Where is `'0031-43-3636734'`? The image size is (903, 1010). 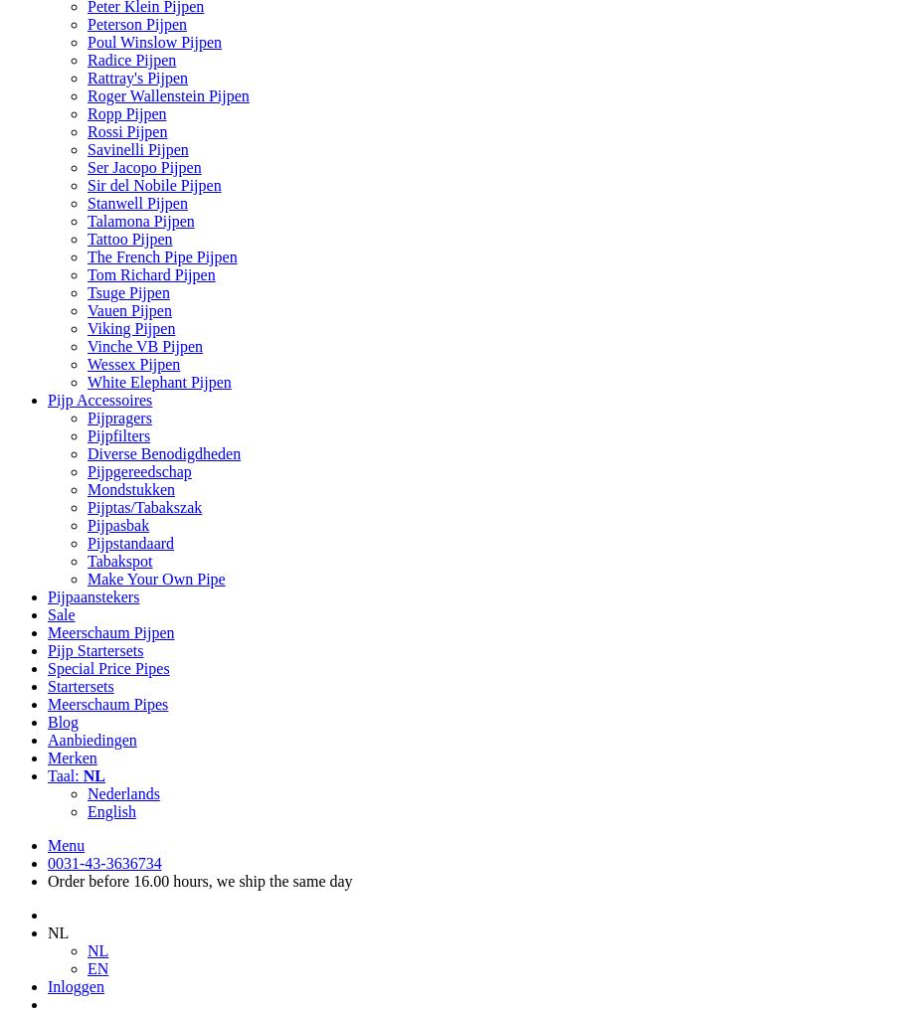
'0031-43-3636734' is located at coordinates (102, 863).